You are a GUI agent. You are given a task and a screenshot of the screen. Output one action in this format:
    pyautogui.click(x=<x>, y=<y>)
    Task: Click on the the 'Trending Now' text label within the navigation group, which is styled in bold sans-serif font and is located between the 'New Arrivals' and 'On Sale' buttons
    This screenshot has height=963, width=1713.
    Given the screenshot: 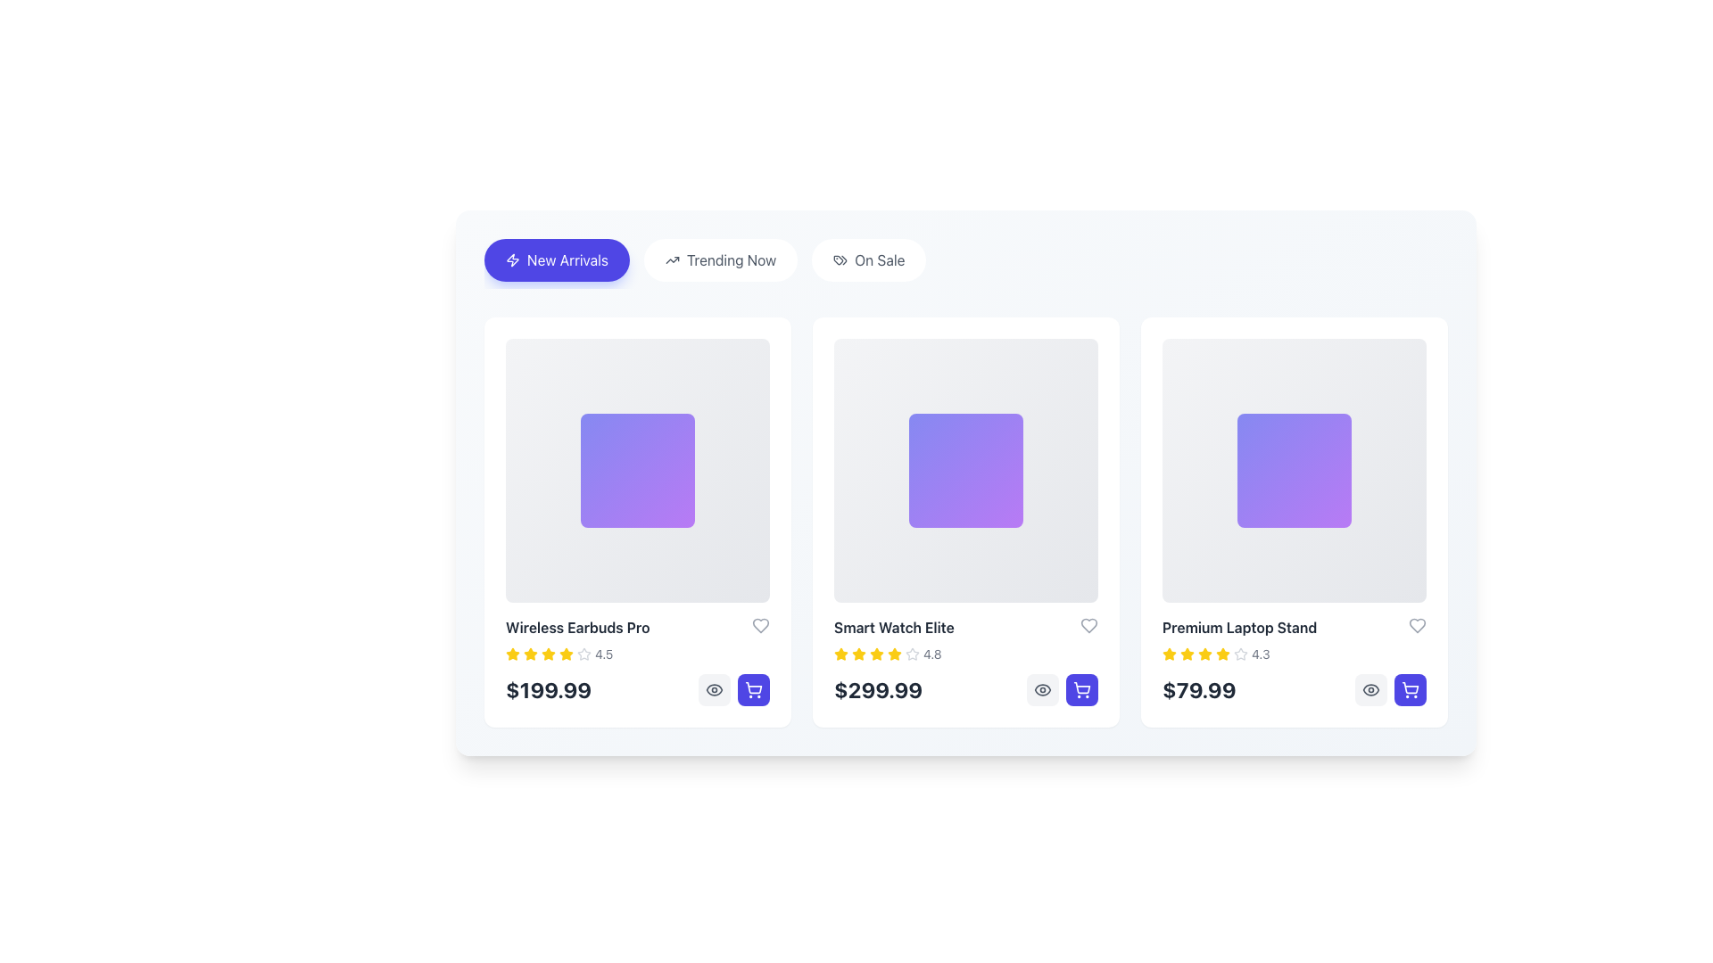 What is the action you would take?
    pyautogui.click(x=732, y=260)
    